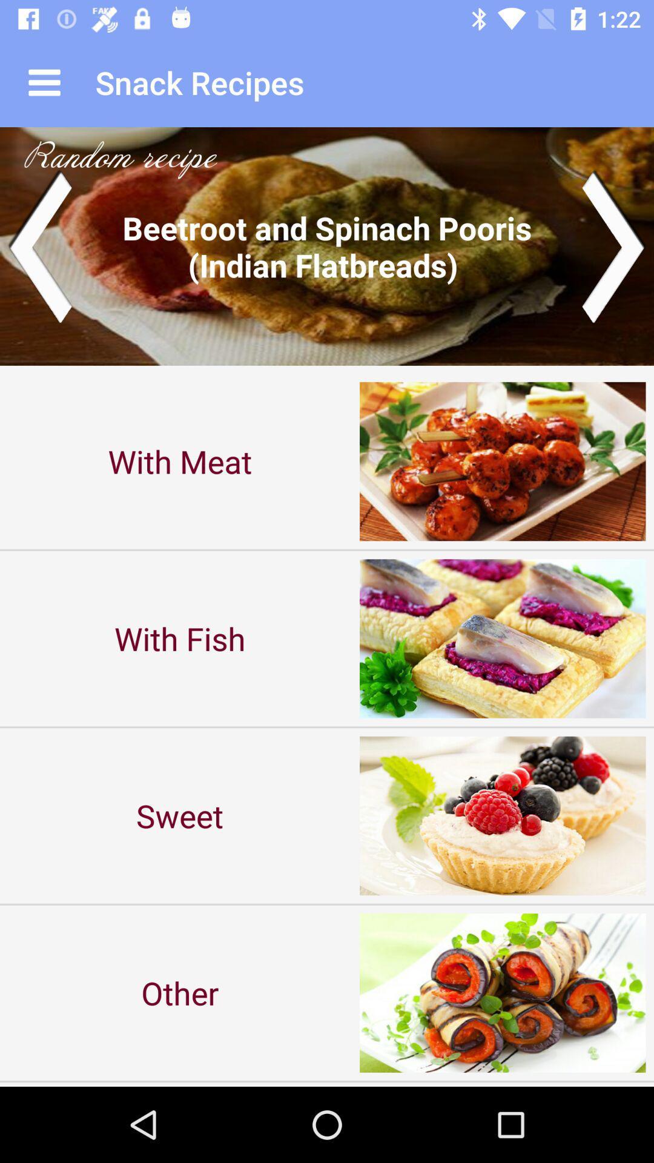 Image resolution: width=654 pixels, height=1163 pixels. What do you see at coordinates (180, 638) in the screenshot?
I see `the with fish icon` at bounding box center [180, 638].